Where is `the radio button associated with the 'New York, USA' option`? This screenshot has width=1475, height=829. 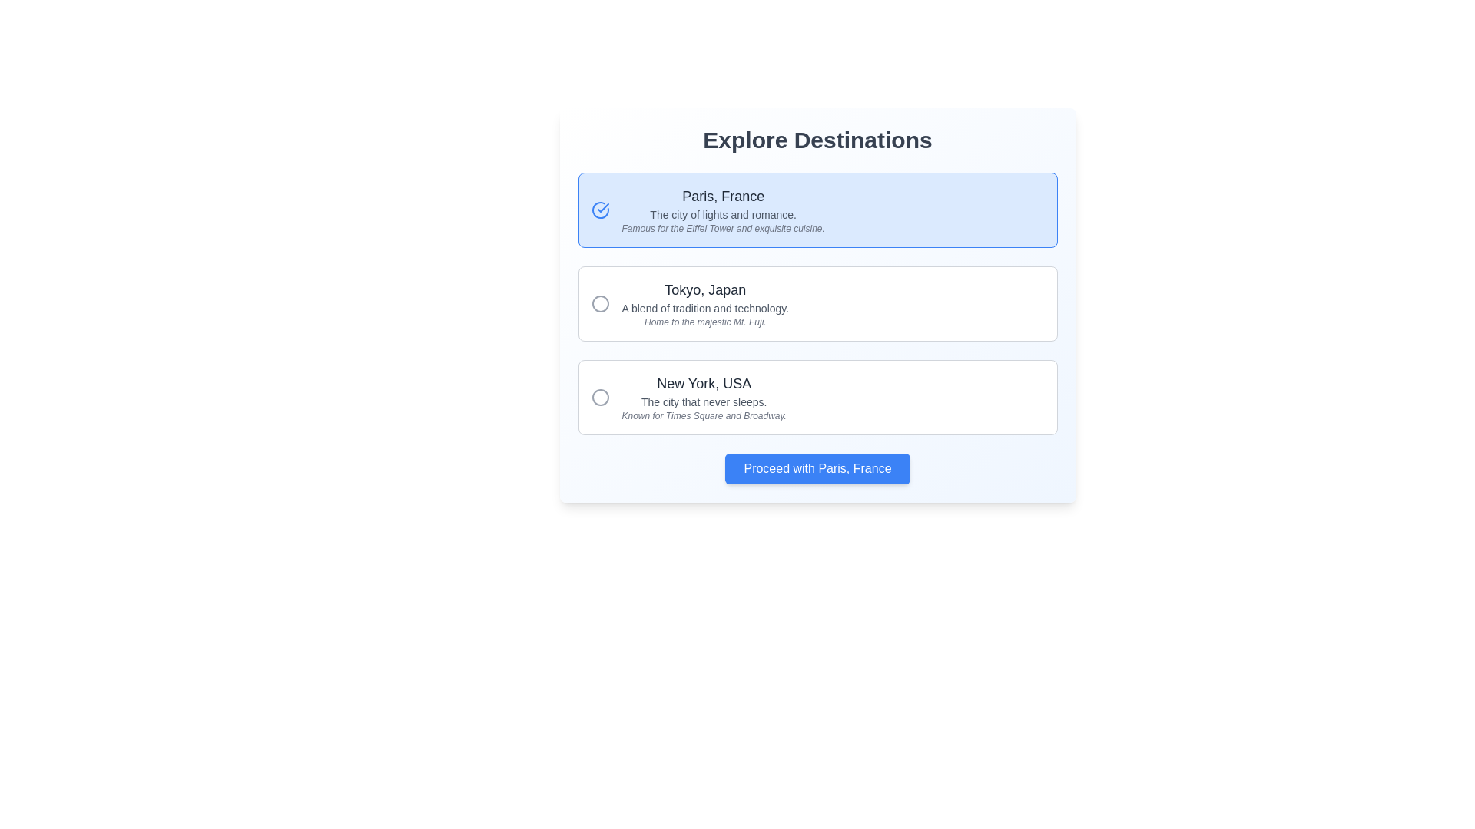
the radio button associated with the 'New York, USA' option is located at coordinates (599, 396).